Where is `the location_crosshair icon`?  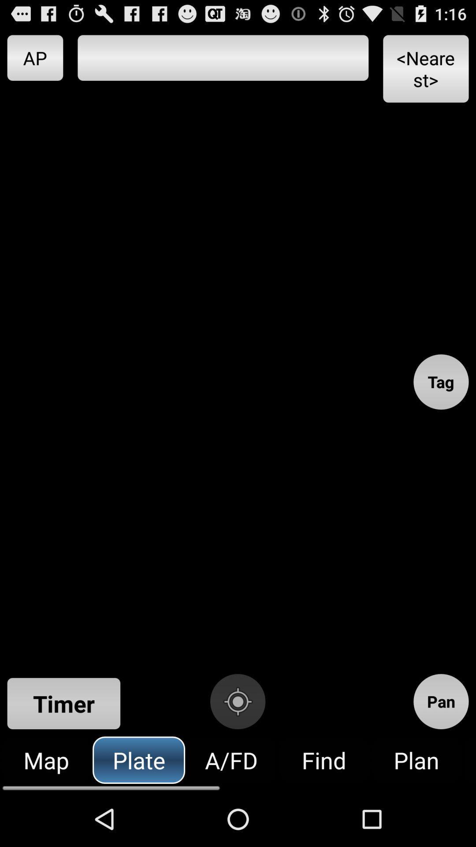 the location_crosshair icon is located at coordinates (237, 750).